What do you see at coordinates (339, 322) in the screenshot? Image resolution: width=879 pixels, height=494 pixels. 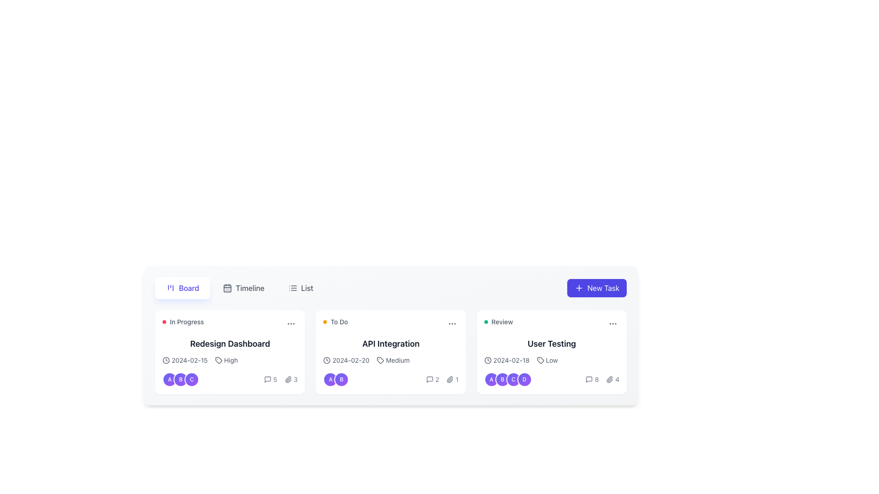 I see `the 'To Do' text label, which is styled with a small font size and medium weight` at bounding box center [339, 322].